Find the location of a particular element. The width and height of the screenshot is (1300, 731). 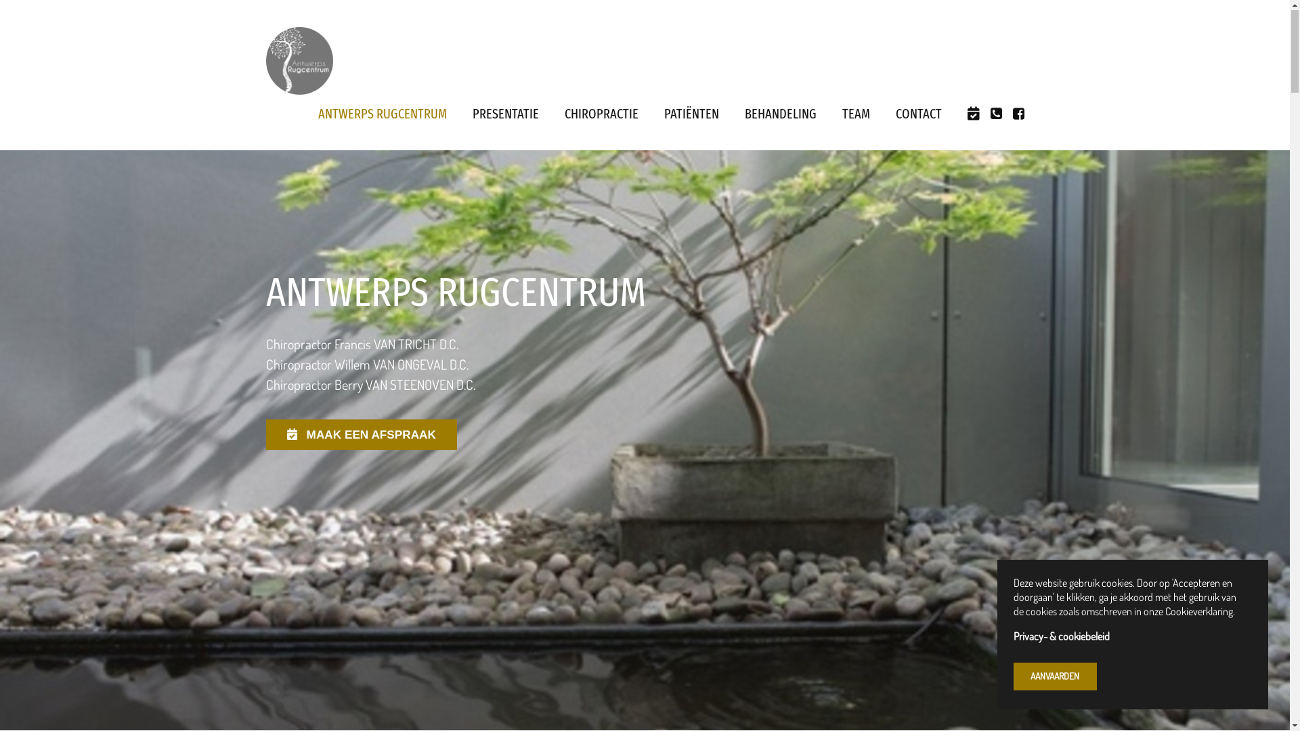

'   MAAK EEN AFSPRAAK' is located at coordinates (364, 433).